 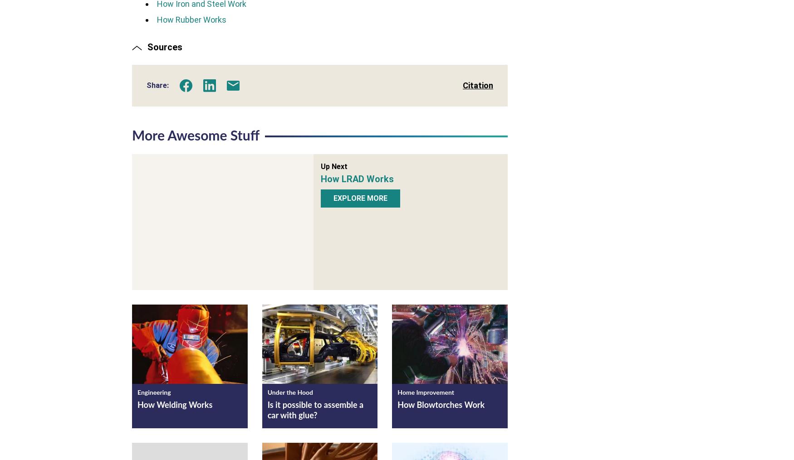 What do you see at coordinates (154, 392) in the screenshot?
I see `'Engineering'` at bounding box center [154, 392].